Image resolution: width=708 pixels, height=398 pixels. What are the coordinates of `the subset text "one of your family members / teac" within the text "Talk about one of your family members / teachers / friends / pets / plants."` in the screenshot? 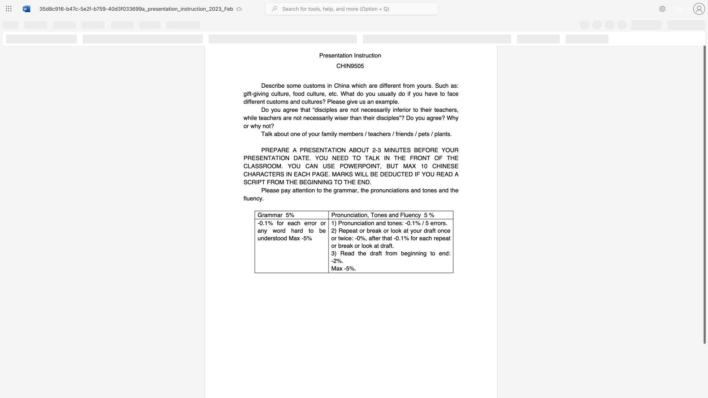 It's located at (290, 134).